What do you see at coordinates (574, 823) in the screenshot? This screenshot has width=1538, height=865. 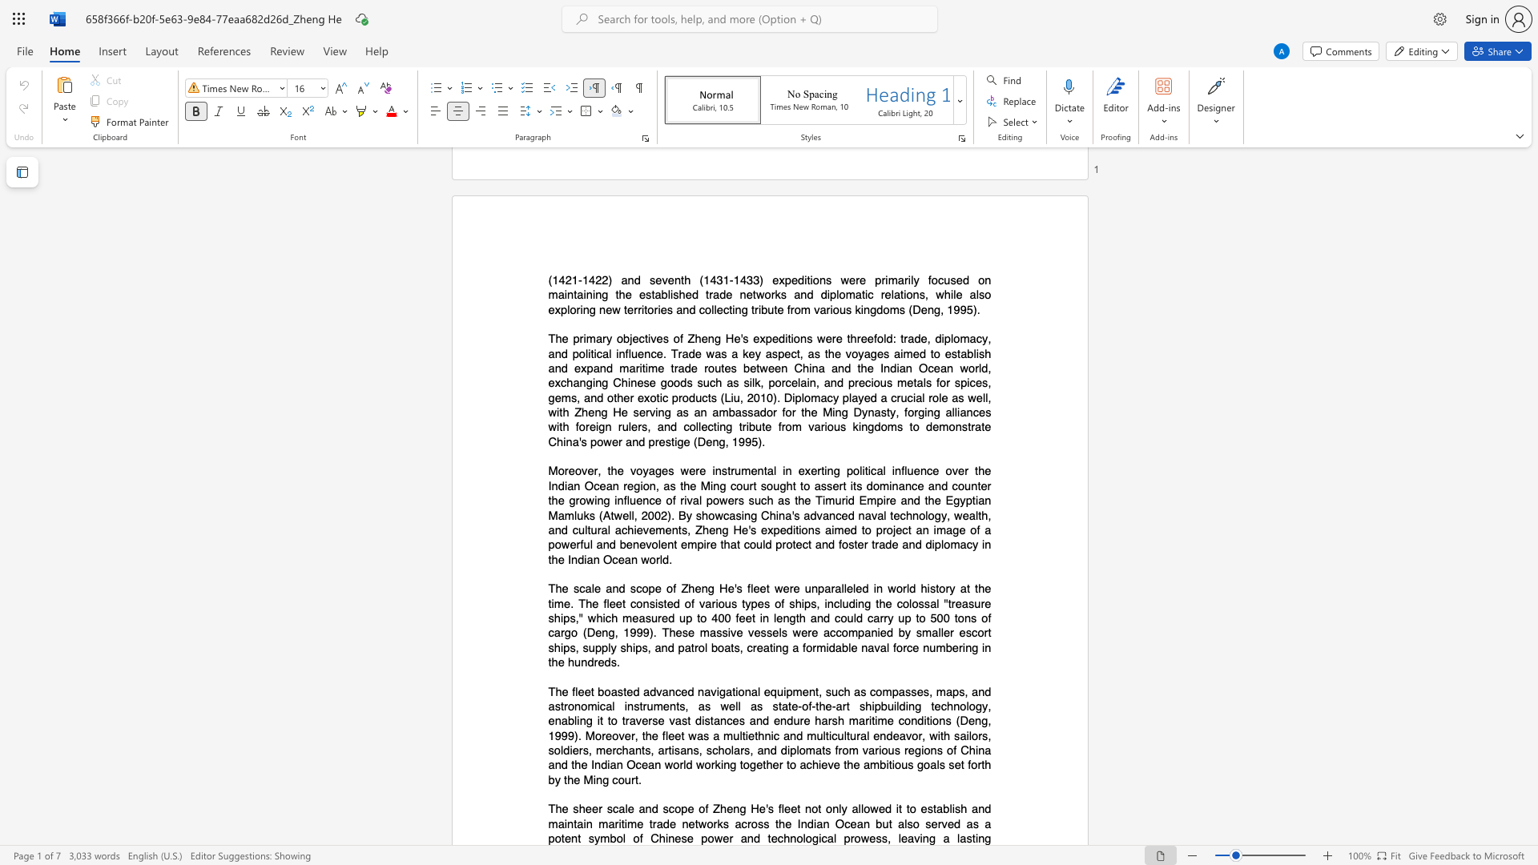 I see `the subset text "tain maritime trade networks across the Indian Ocean but also served as a potent symbol of Chinese power and tec" within the text "and maintain maritime trade networks across the Indian Ocean but also served as a potent symbol of Chinese power and technological prowess, leaving"` at bounding box center [574, 823].